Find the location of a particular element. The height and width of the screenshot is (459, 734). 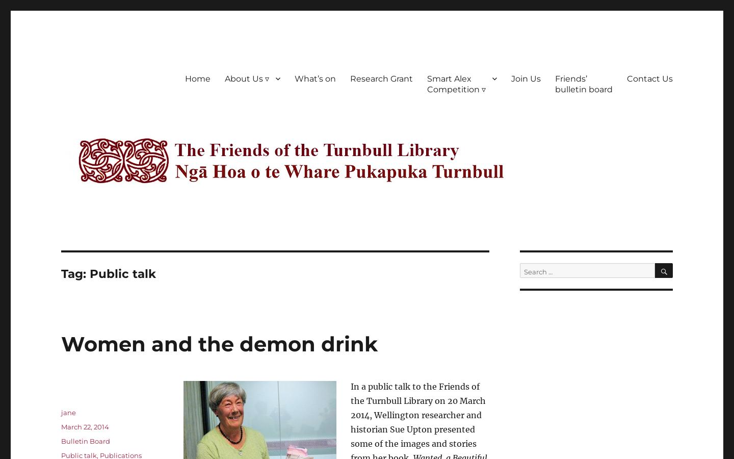

'Friends’' is located at coordinates (570, 78).